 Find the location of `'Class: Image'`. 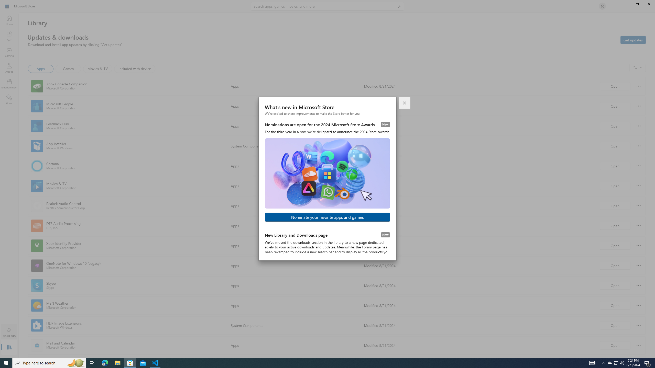

'Class: Image' is located at coordinates (7, 6).